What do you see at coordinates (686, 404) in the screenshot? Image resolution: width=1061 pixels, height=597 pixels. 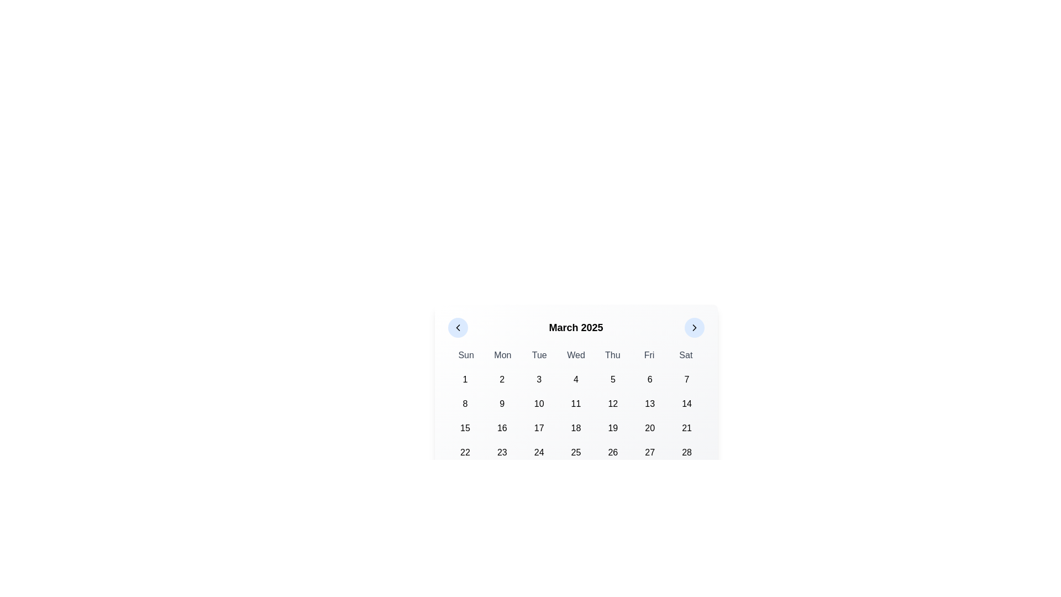 I see `the button containing the numeral '14' with rounded corners` at bounding box center [686, 404].